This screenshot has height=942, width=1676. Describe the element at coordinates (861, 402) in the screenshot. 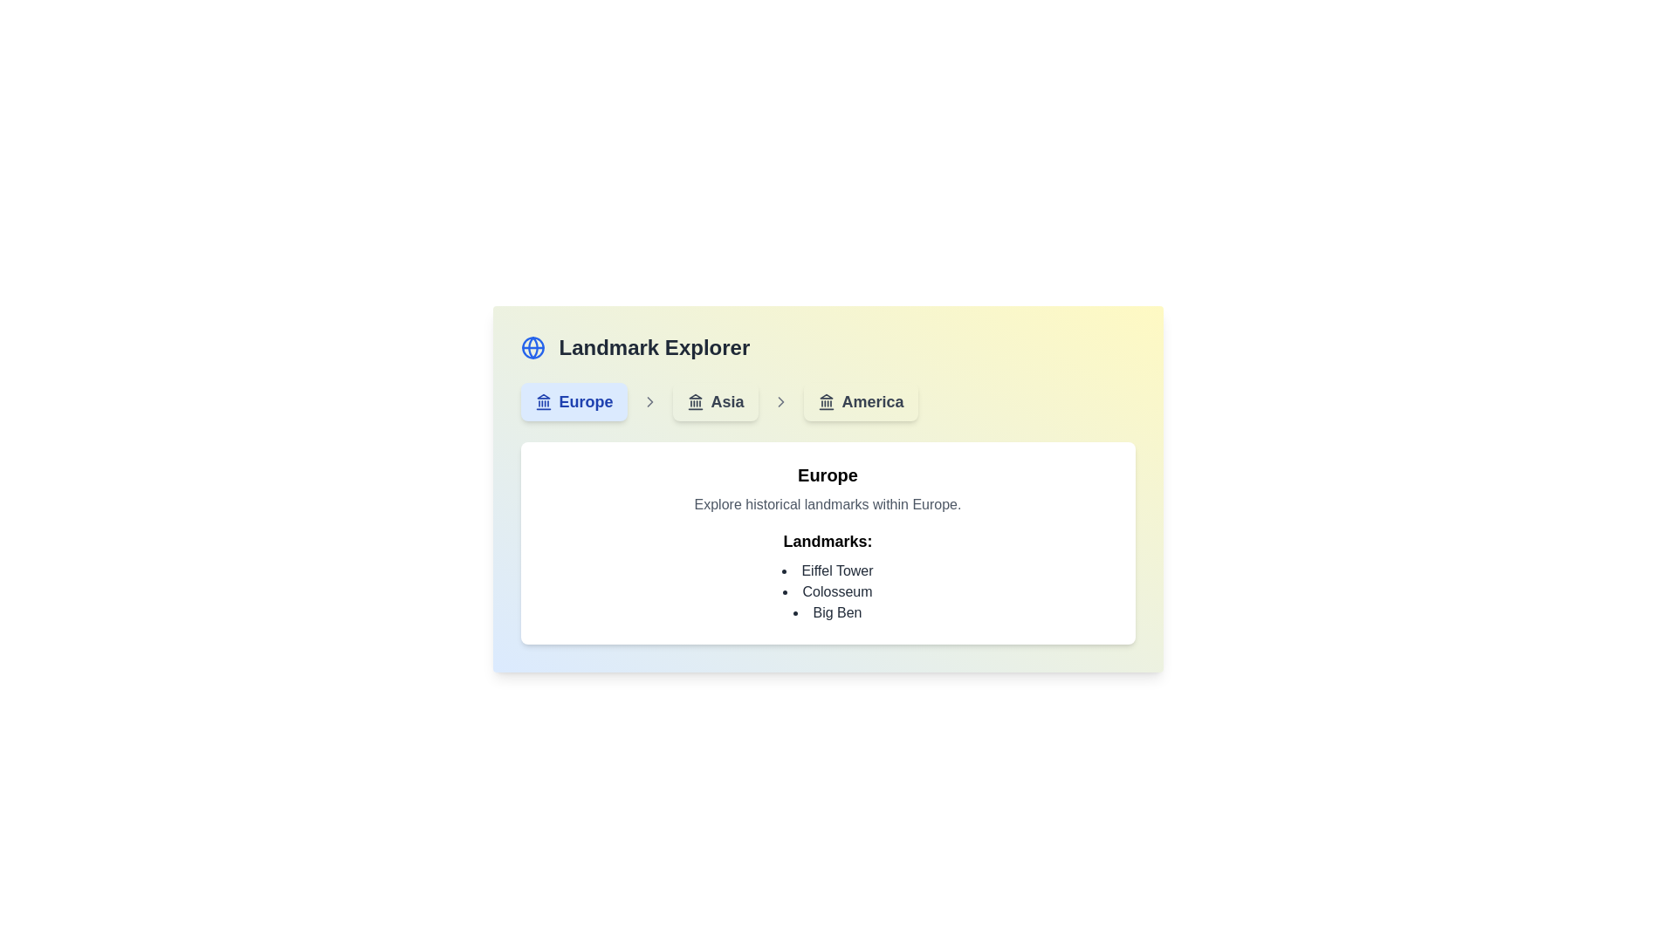

I see `the third navigation button labeled 'America' in the horizontal navigation bar` at that location.